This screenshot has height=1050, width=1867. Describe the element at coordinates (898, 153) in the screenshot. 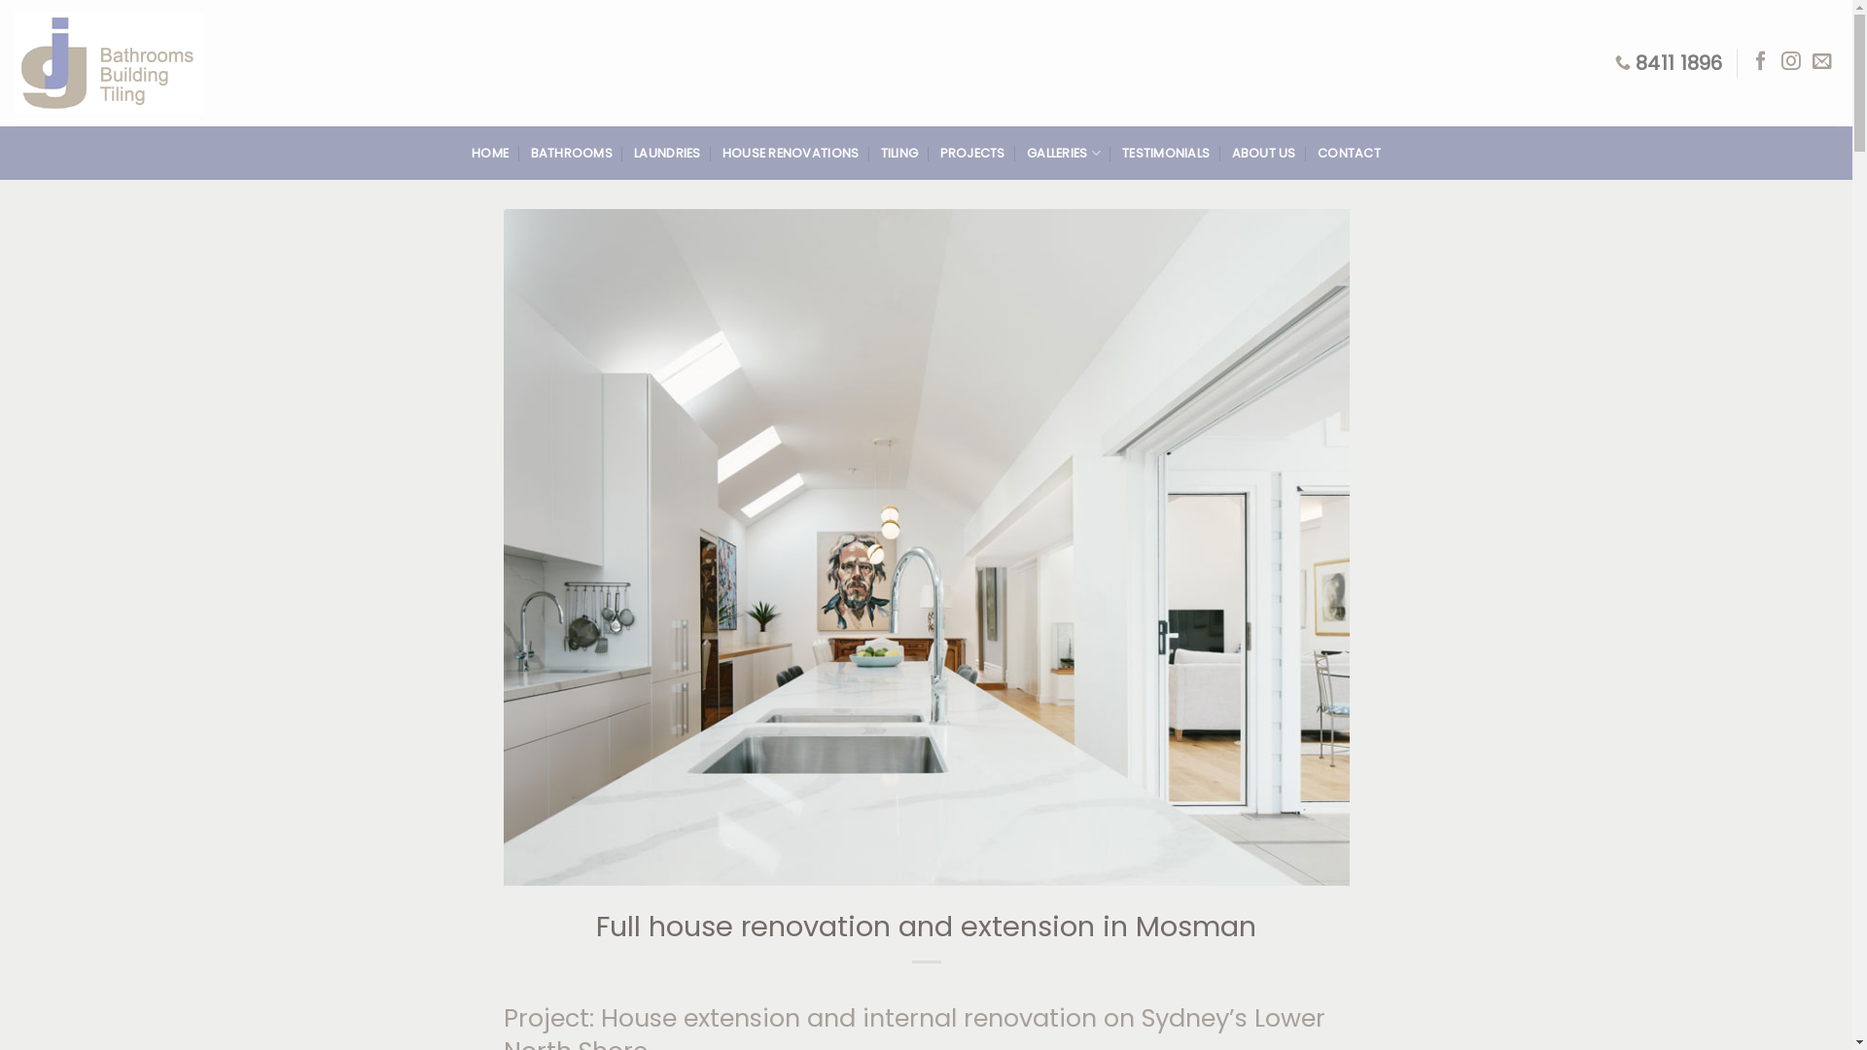

I see `'TILING'` at that location.